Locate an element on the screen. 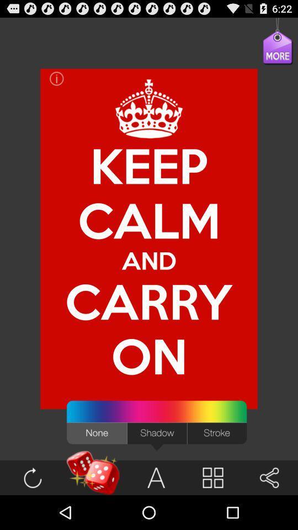 Image resolution: width=298 pixels, height=530 pixels. the book icon is located at coordinates (213, 511).